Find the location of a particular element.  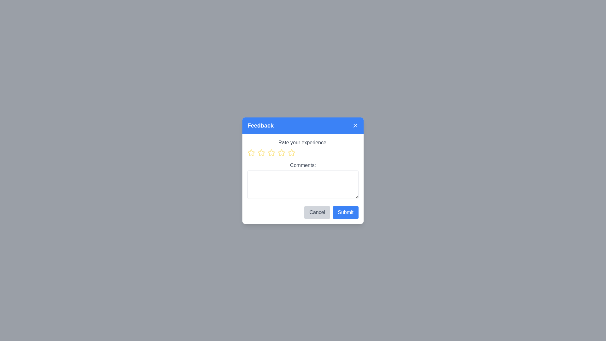

the second star-shaped icon in the feedback dialog box labeled 'Rate your experience' is located at coordinates (261, 153).